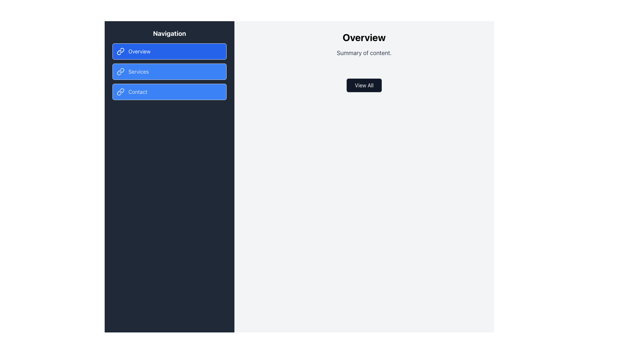 This screenshot has height=352, width=626. I want to click on keyboard navigation, so click(169, 71).